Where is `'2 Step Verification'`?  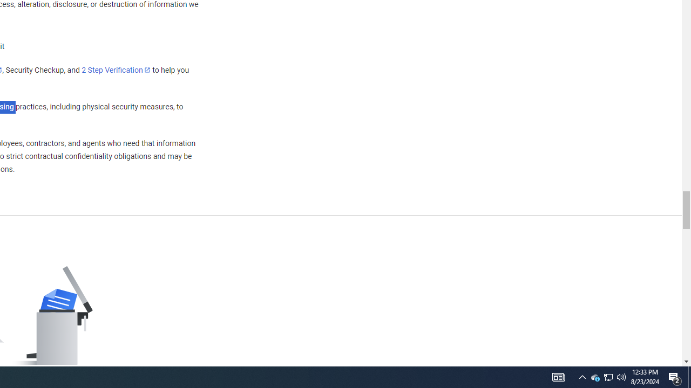
'2 Step Verification' is located at coordinates (116, 70).